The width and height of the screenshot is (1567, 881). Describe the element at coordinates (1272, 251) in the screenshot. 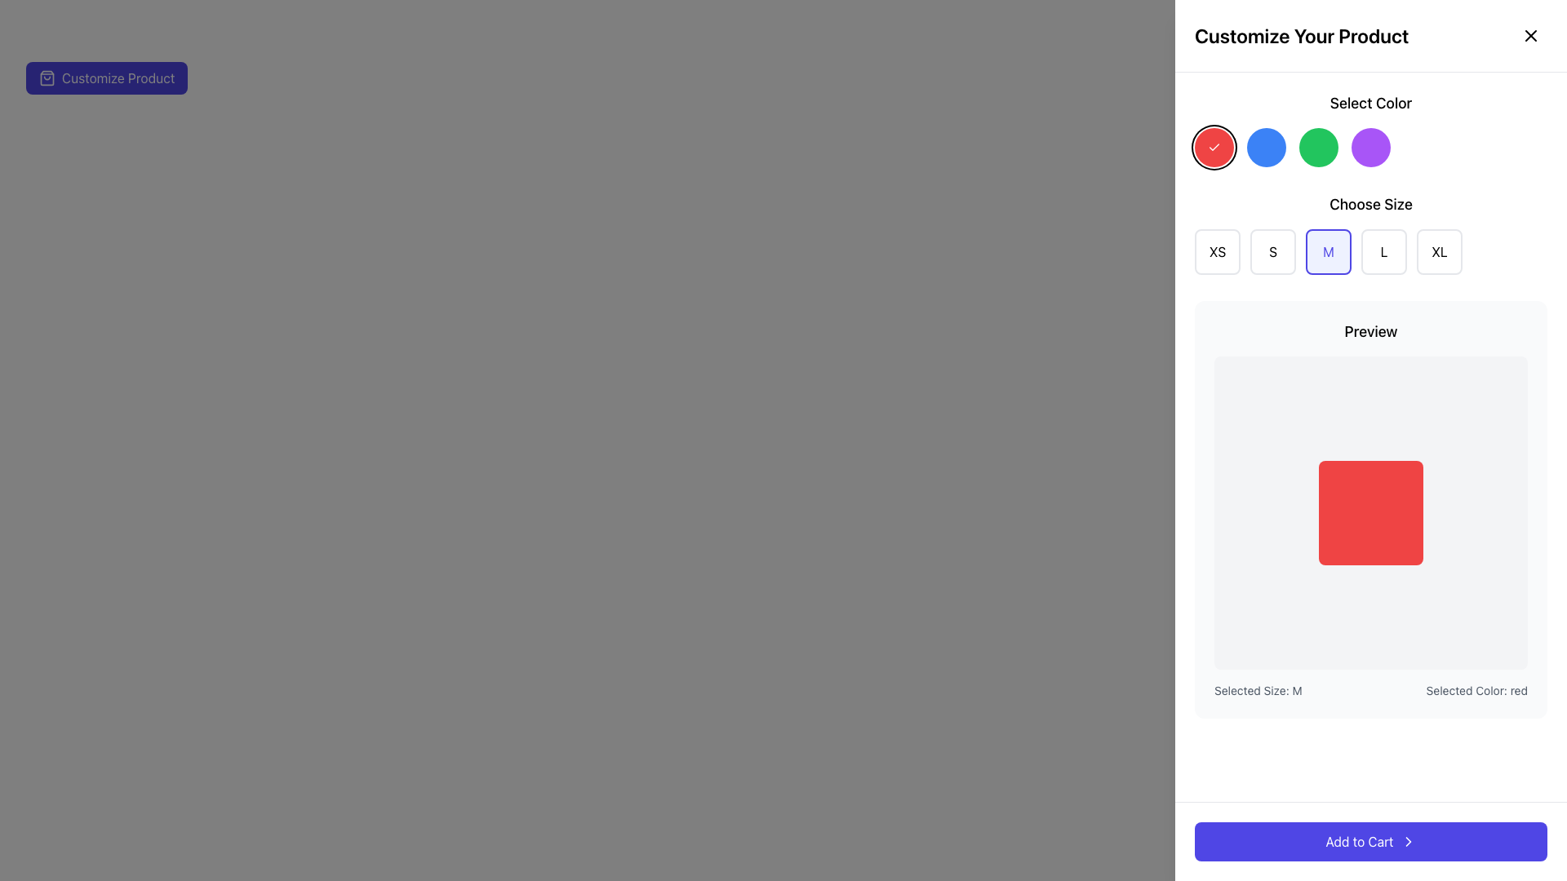

I see `the square button with rounded corners labeled 'S'` at that location.